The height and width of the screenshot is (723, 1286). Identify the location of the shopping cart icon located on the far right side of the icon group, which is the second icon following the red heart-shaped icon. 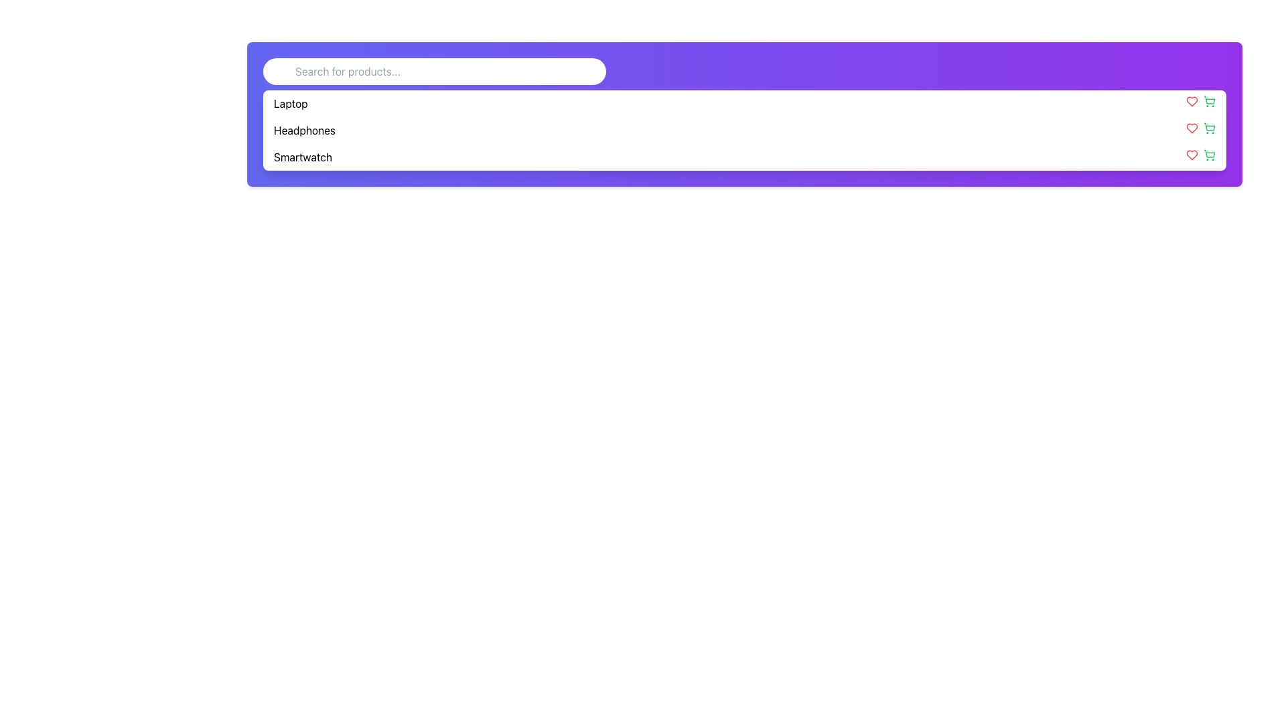
(1209, 100).